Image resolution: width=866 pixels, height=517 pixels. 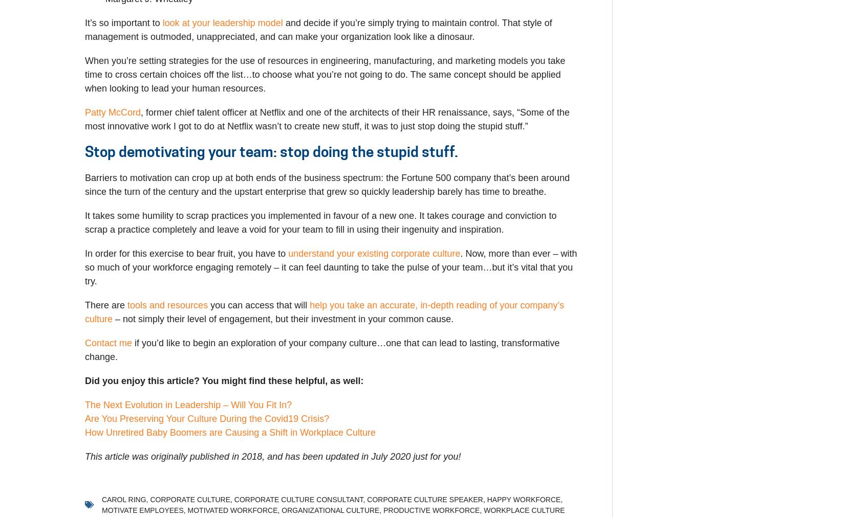 What do you see at coordinates (523, 499) in the screenshot?
I see `'Happy Workforce'` at bounding box center [523, 499].